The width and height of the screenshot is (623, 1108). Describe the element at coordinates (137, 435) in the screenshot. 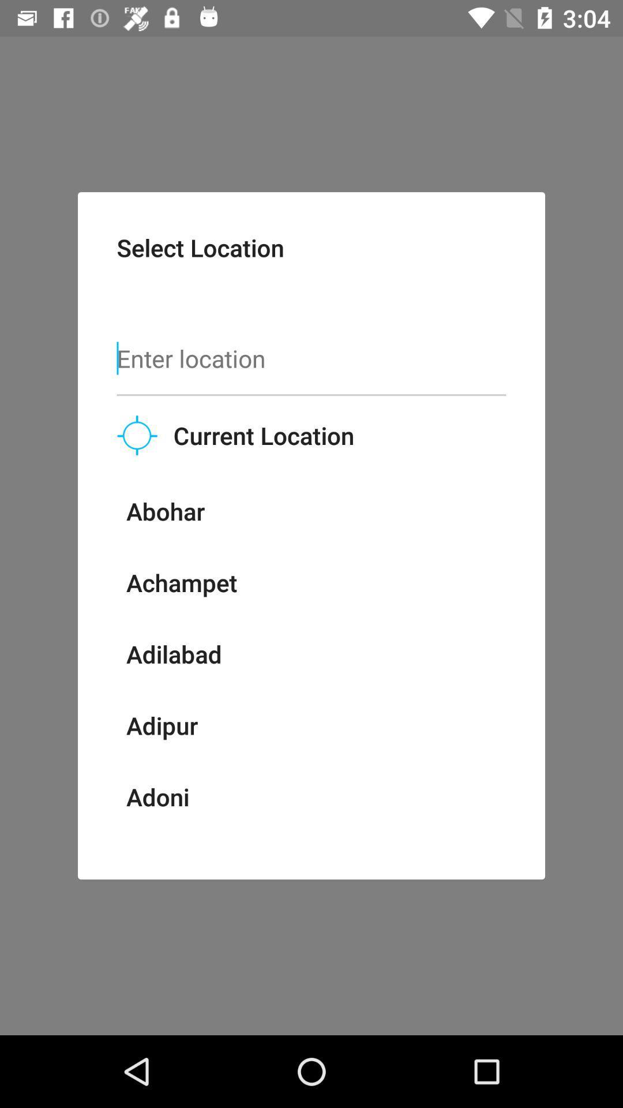

I see `item next to the current location icon` at that location.